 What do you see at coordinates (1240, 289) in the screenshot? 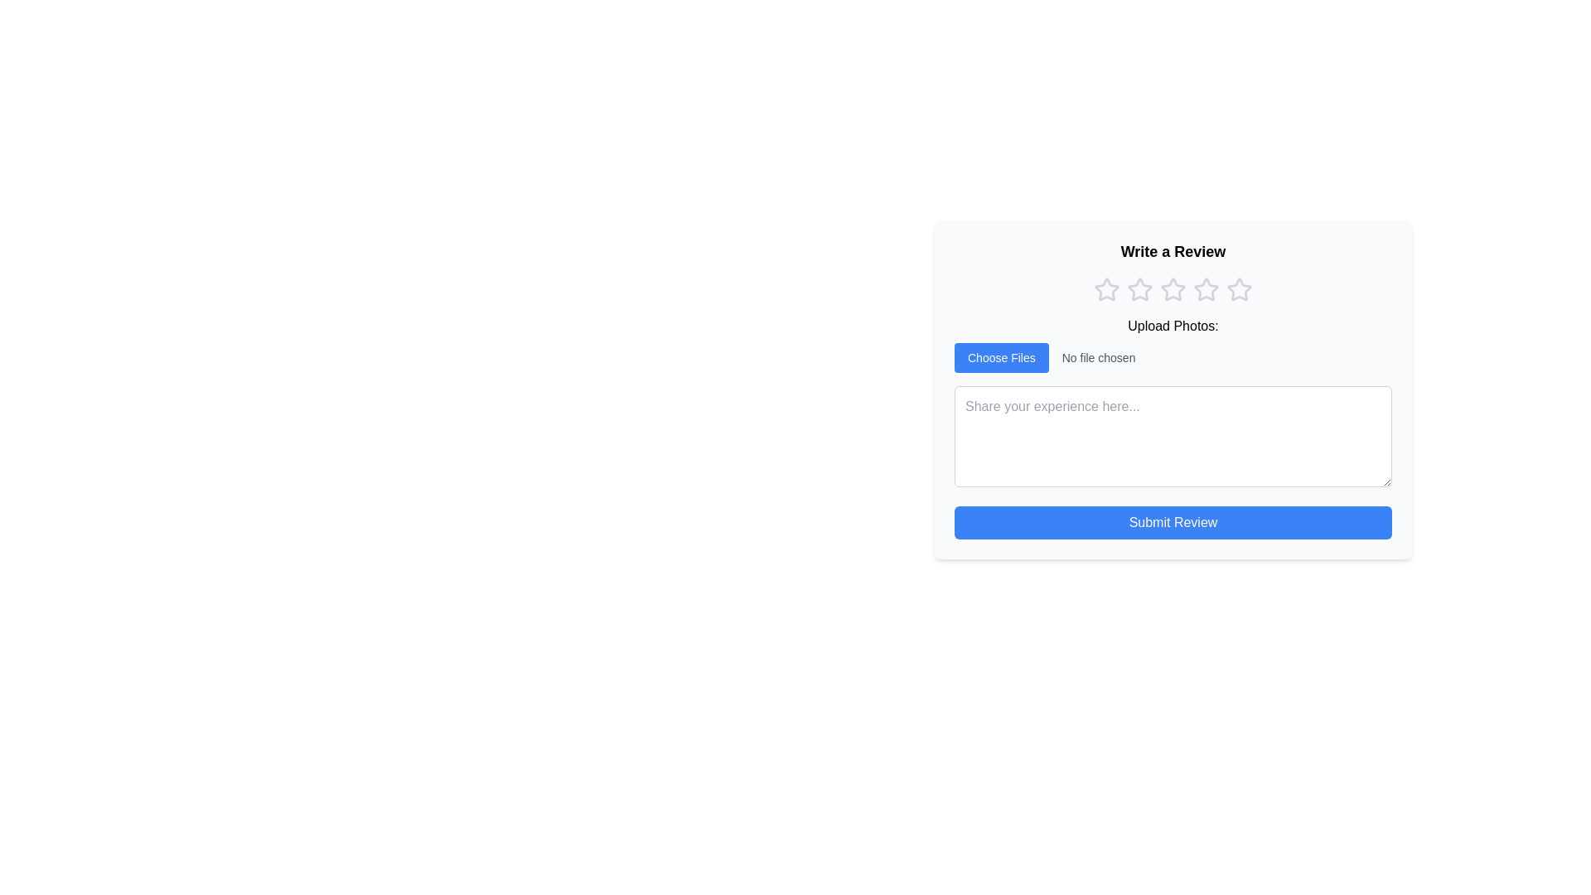
I see `the fifth and last star icon in the star rating widget` at bounding box center [1240, 289].